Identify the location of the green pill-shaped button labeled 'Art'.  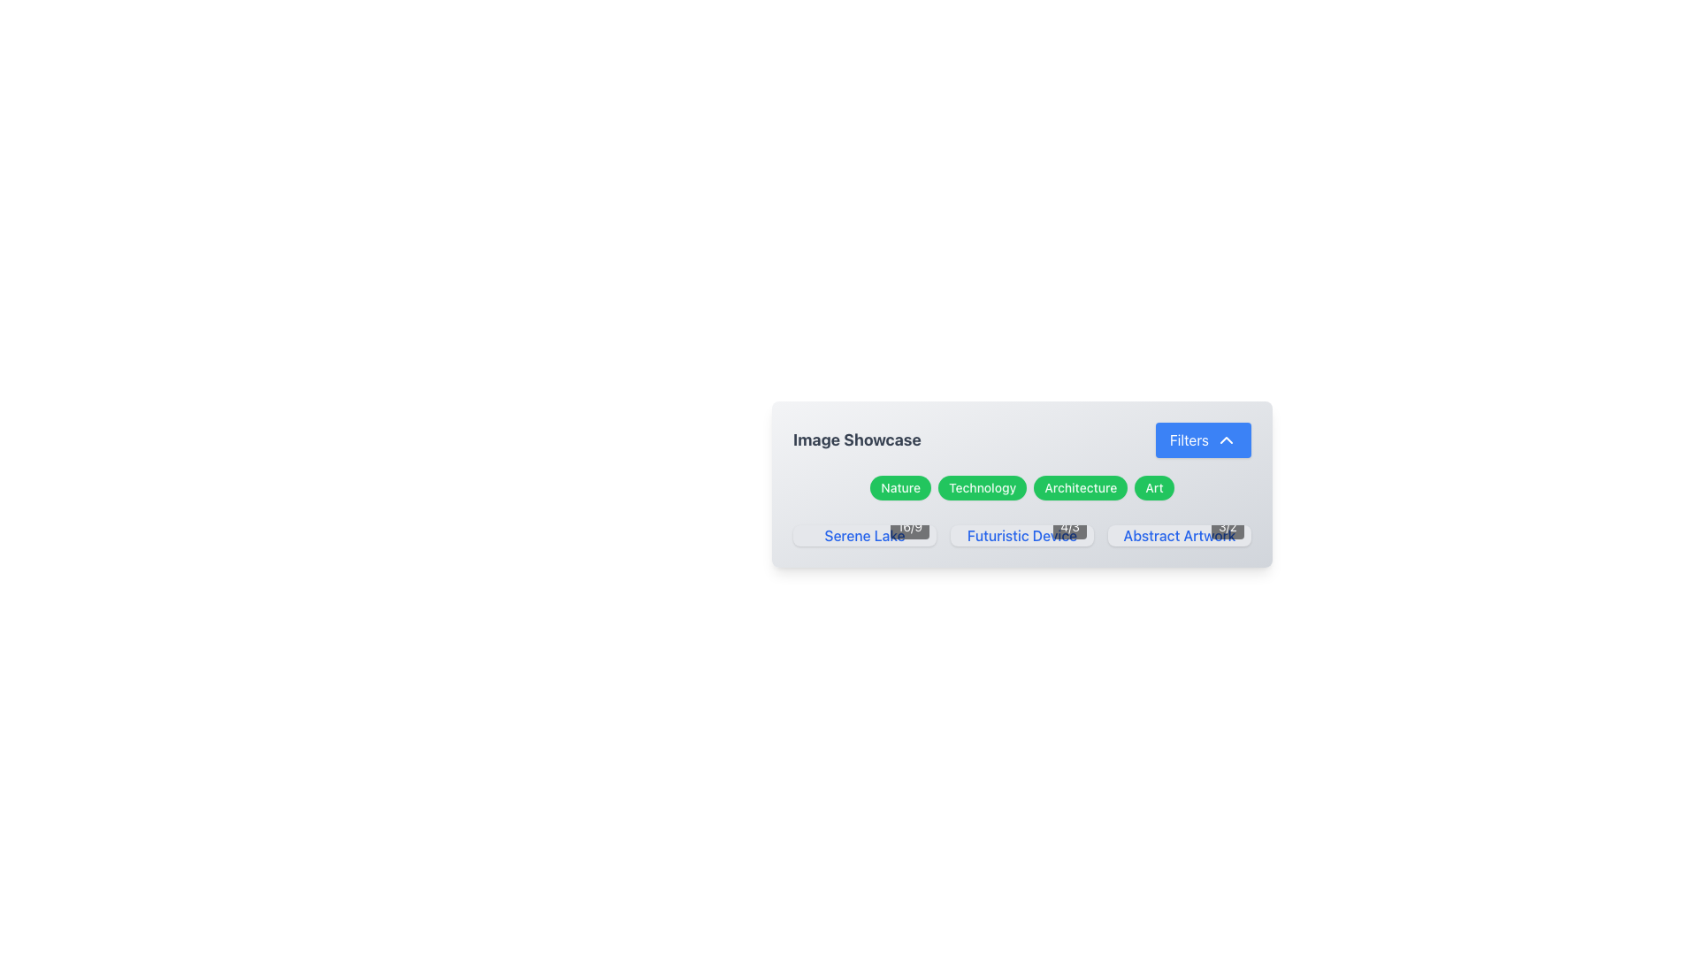
(1154, 487).